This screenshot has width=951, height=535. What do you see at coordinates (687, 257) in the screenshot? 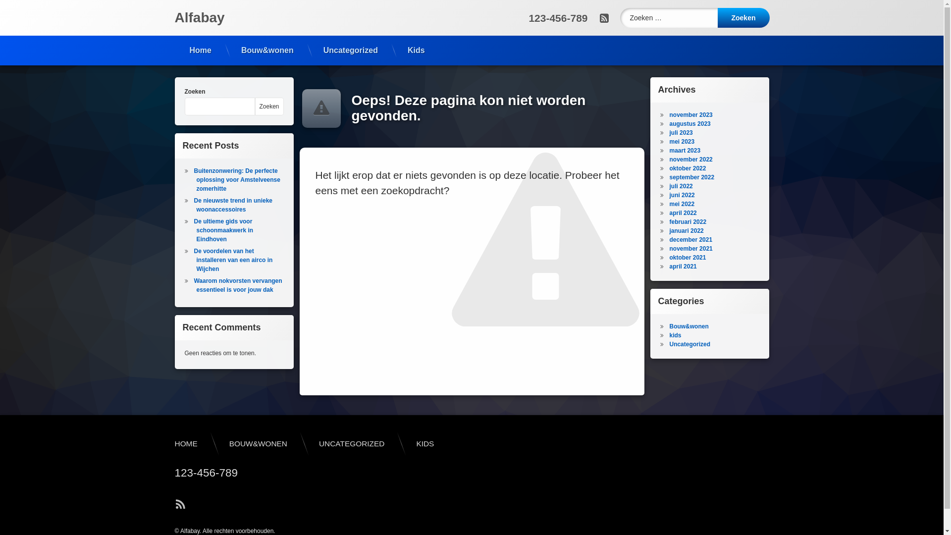
I see `'oktober 2021'` at bounding box center [687, 257].